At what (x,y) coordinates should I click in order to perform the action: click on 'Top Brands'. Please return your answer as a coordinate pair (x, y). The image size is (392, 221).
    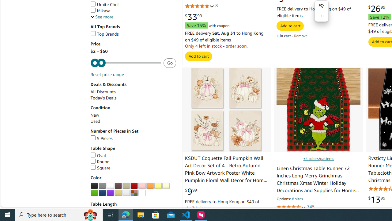
    Looking at the image, I should click on (133, 34).